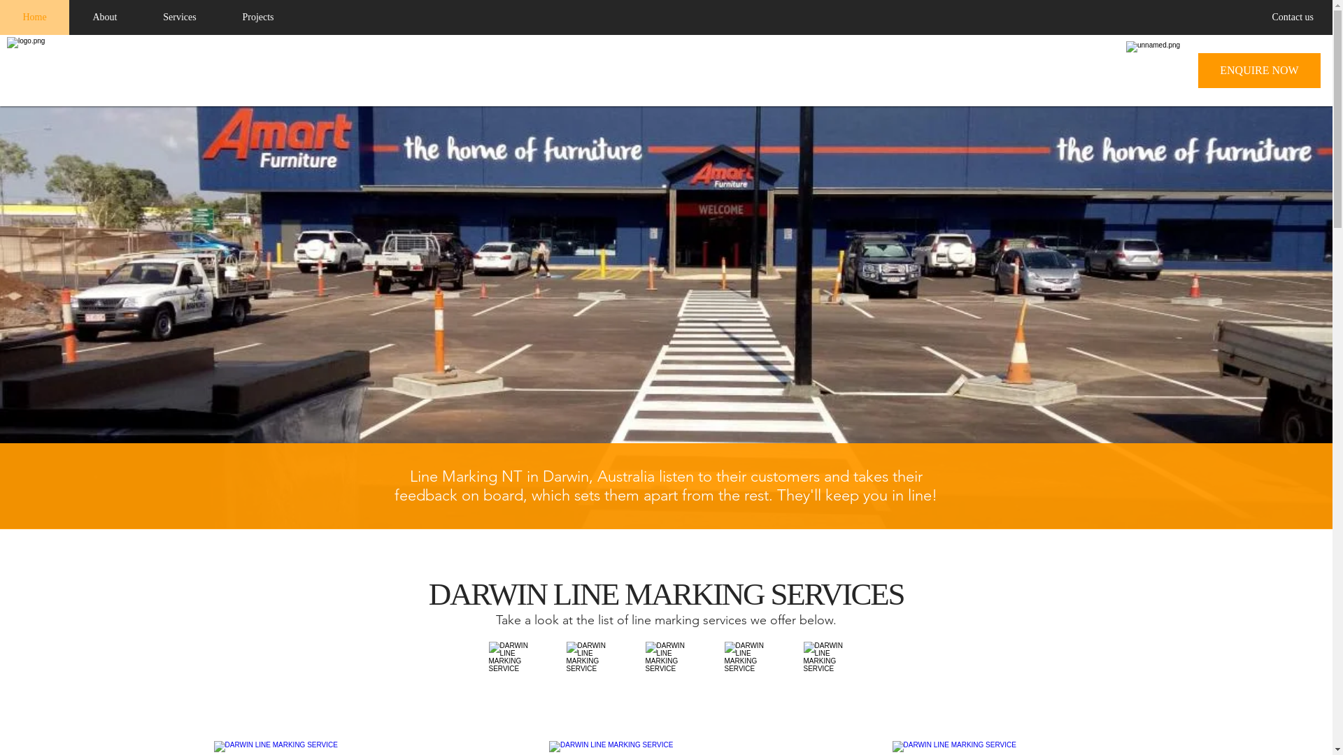 This screenshot has height=755, width=1343. I want to click on 'Projects', so click(218, 17).